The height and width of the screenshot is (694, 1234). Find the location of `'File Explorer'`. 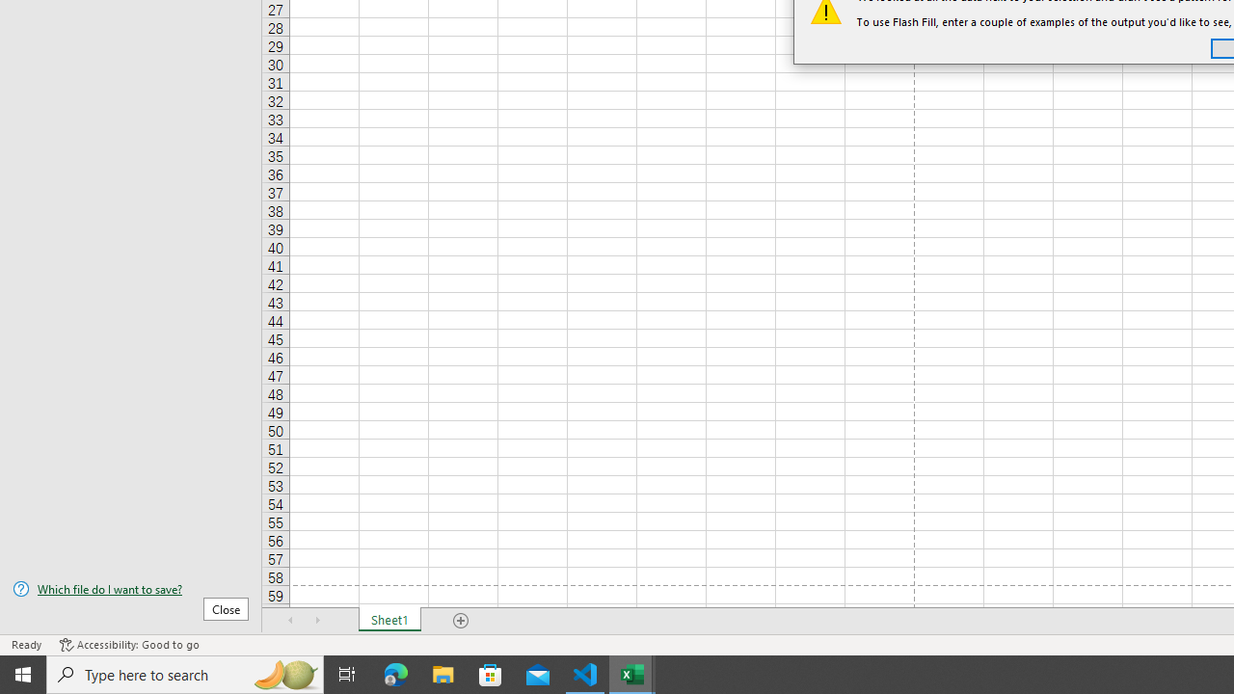

'File Explorer' is located at coordinates (443, 673).